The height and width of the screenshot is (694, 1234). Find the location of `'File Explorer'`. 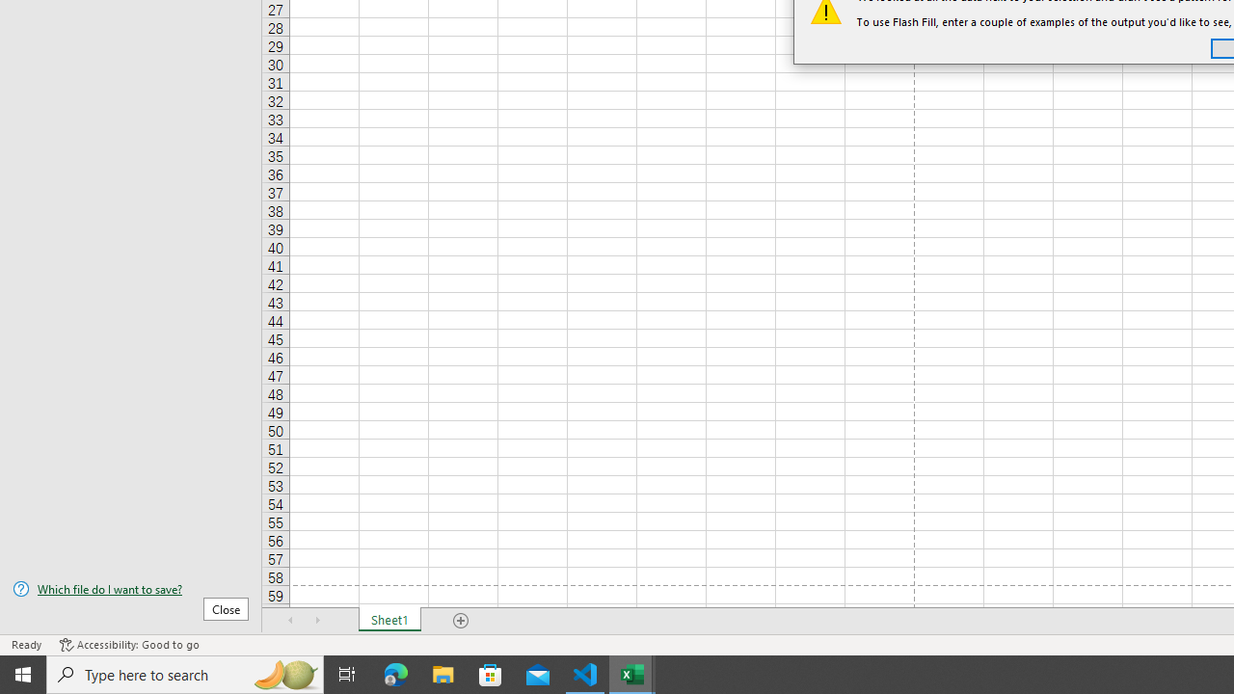

'File Explorer' is located at coordinates (443, 673).